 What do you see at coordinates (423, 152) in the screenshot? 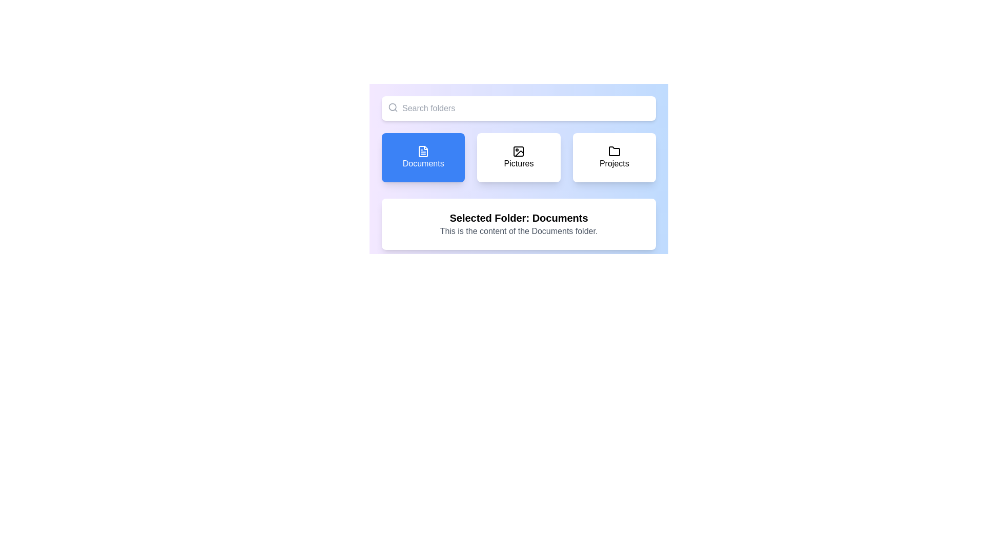
I see `the blue button labeled 'Documents', which contains an icon indicating files or textual content, positioned above the 'Documents' text label` at bounding box center [423, 152].